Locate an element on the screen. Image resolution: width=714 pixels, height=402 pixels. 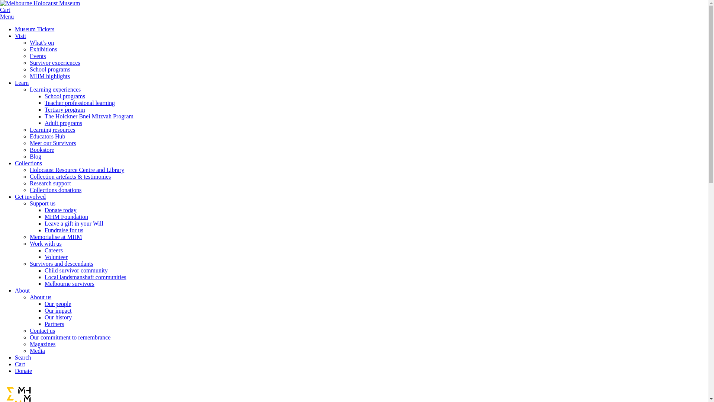
'Donate' is located at coordinates (23, 371).